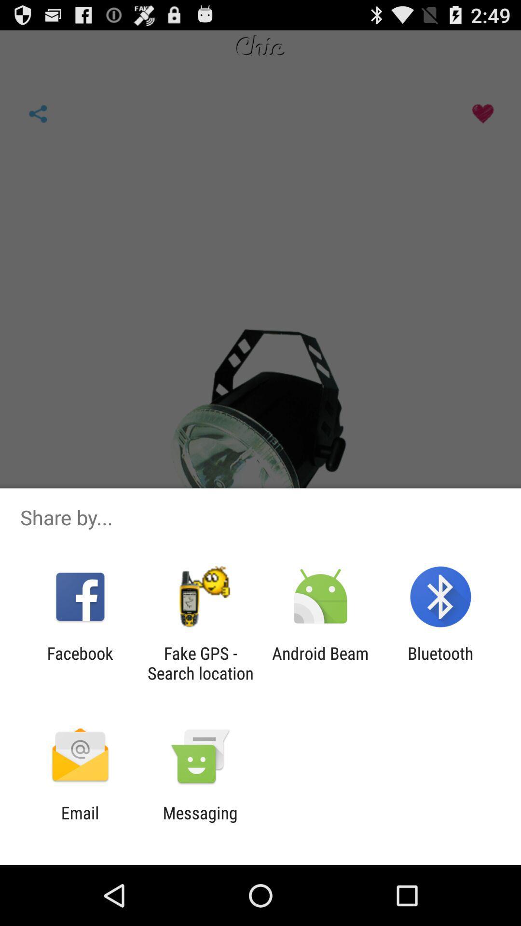 The image size is (521, 926). I want to click on icon to the left of messaging app, so click(80, 822).